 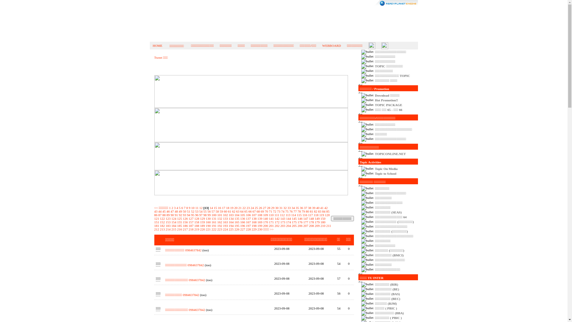 I want to click on '70', so click(x=266, y=211).